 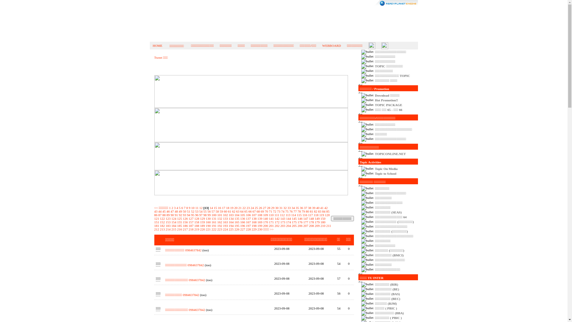 I want to click on '70', so click(x=266, y=211).